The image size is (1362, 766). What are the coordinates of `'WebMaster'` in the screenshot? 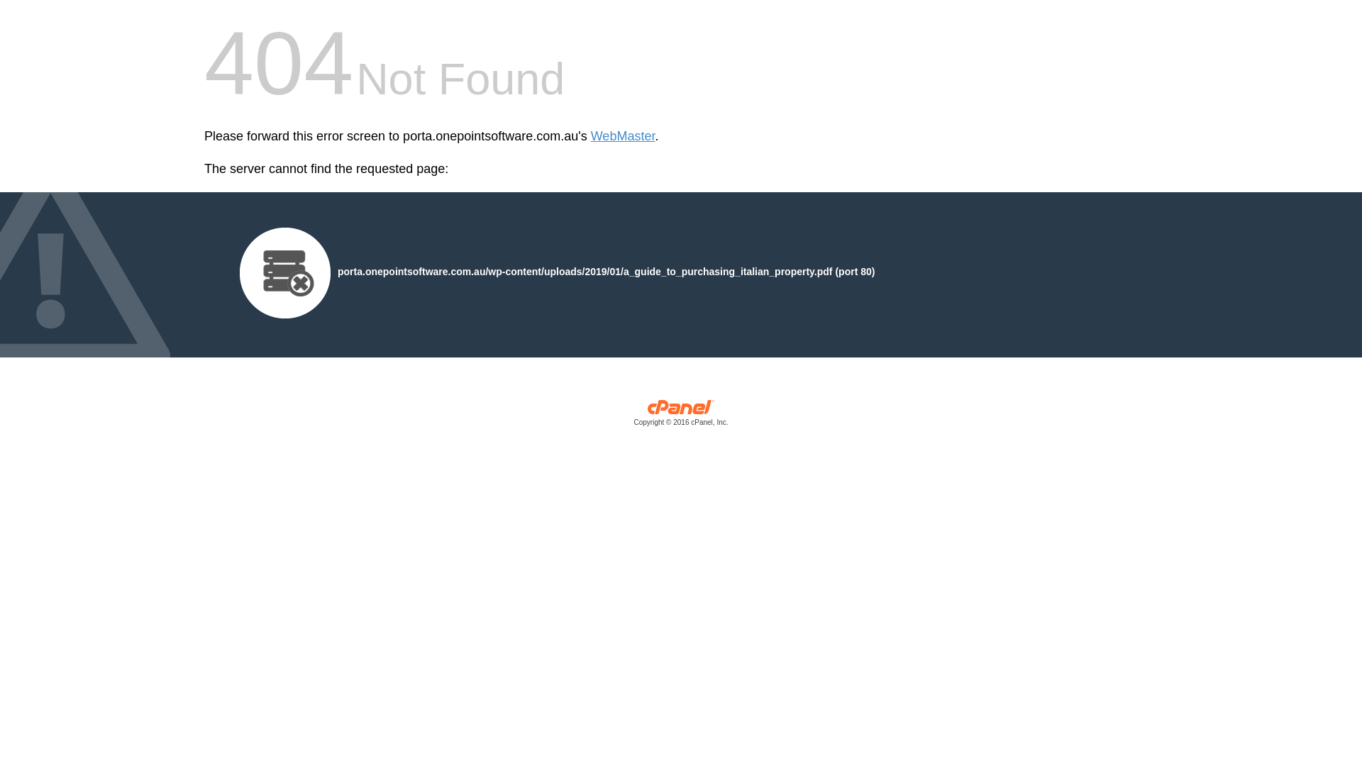 It's located at (623, 136).